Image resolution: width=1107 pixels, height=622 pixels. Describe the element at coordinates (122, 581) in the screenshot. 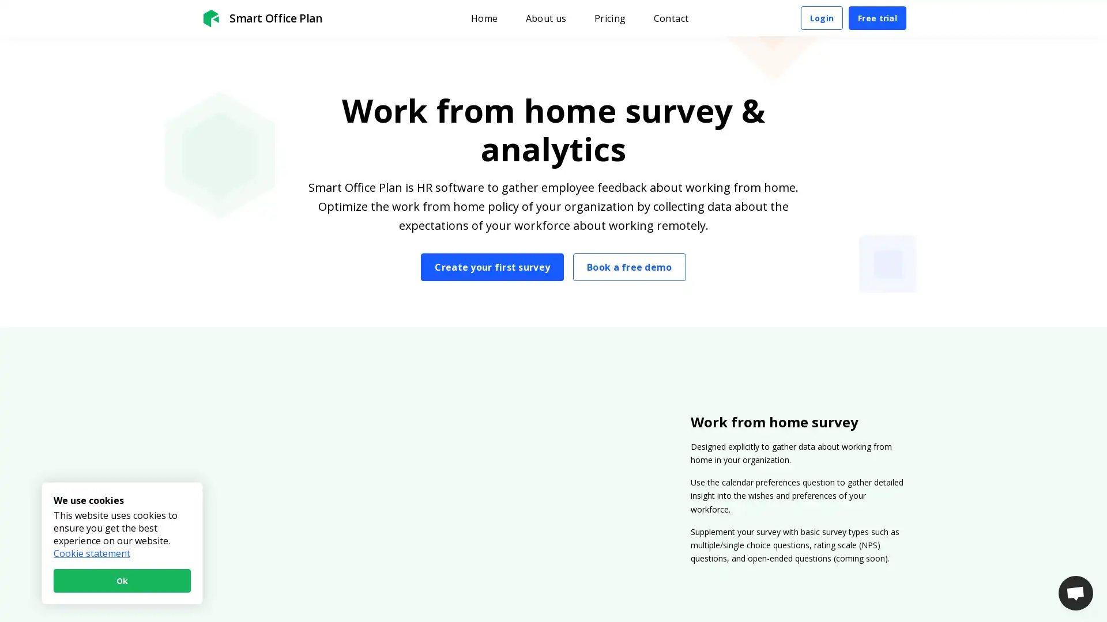

I see `Ok` at that location.